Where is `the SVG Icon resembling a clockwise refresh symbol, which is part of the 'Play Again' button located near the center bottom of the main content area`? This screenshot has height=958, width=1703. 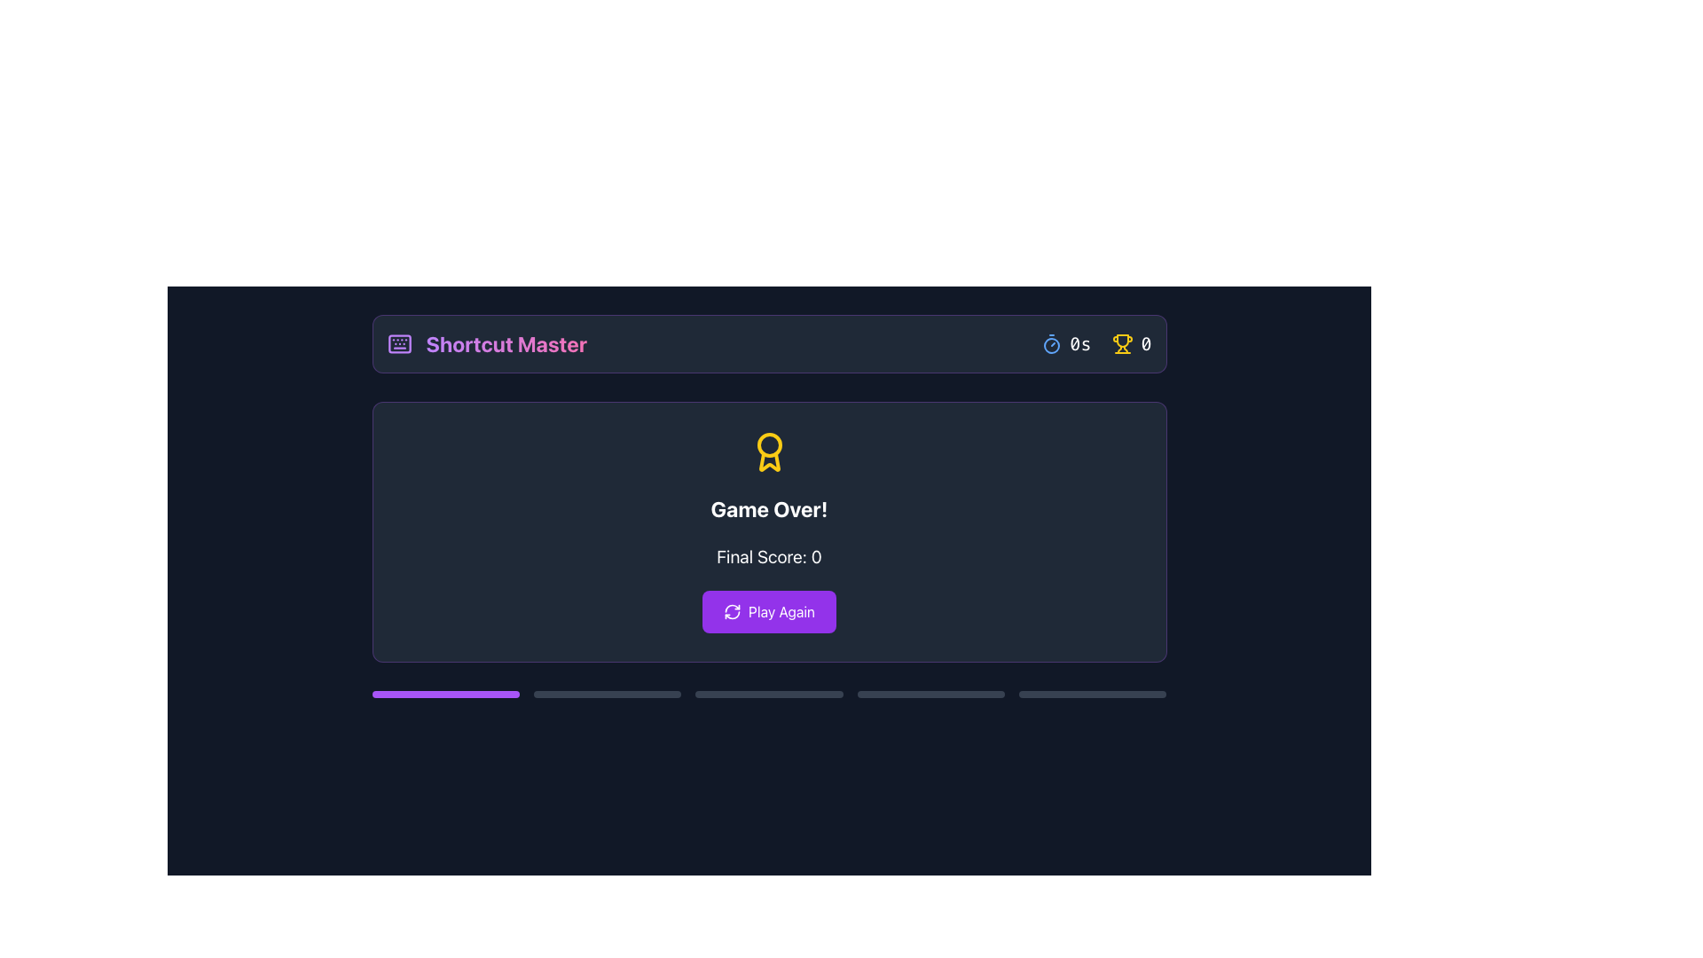
the SVG Icon resembling a clockwise refresh symbol, which is part of the 'Play Again' button located near the center bottom of the main content area is located at coordinates (732, 611).